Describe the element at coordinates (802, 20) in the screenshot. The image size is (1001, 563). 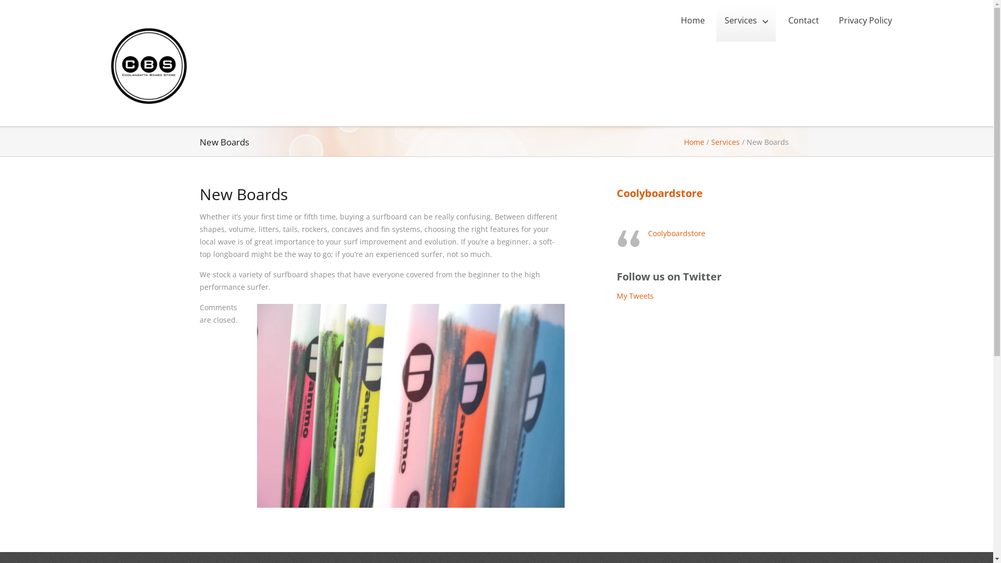
I see `'Contact'` at that location.